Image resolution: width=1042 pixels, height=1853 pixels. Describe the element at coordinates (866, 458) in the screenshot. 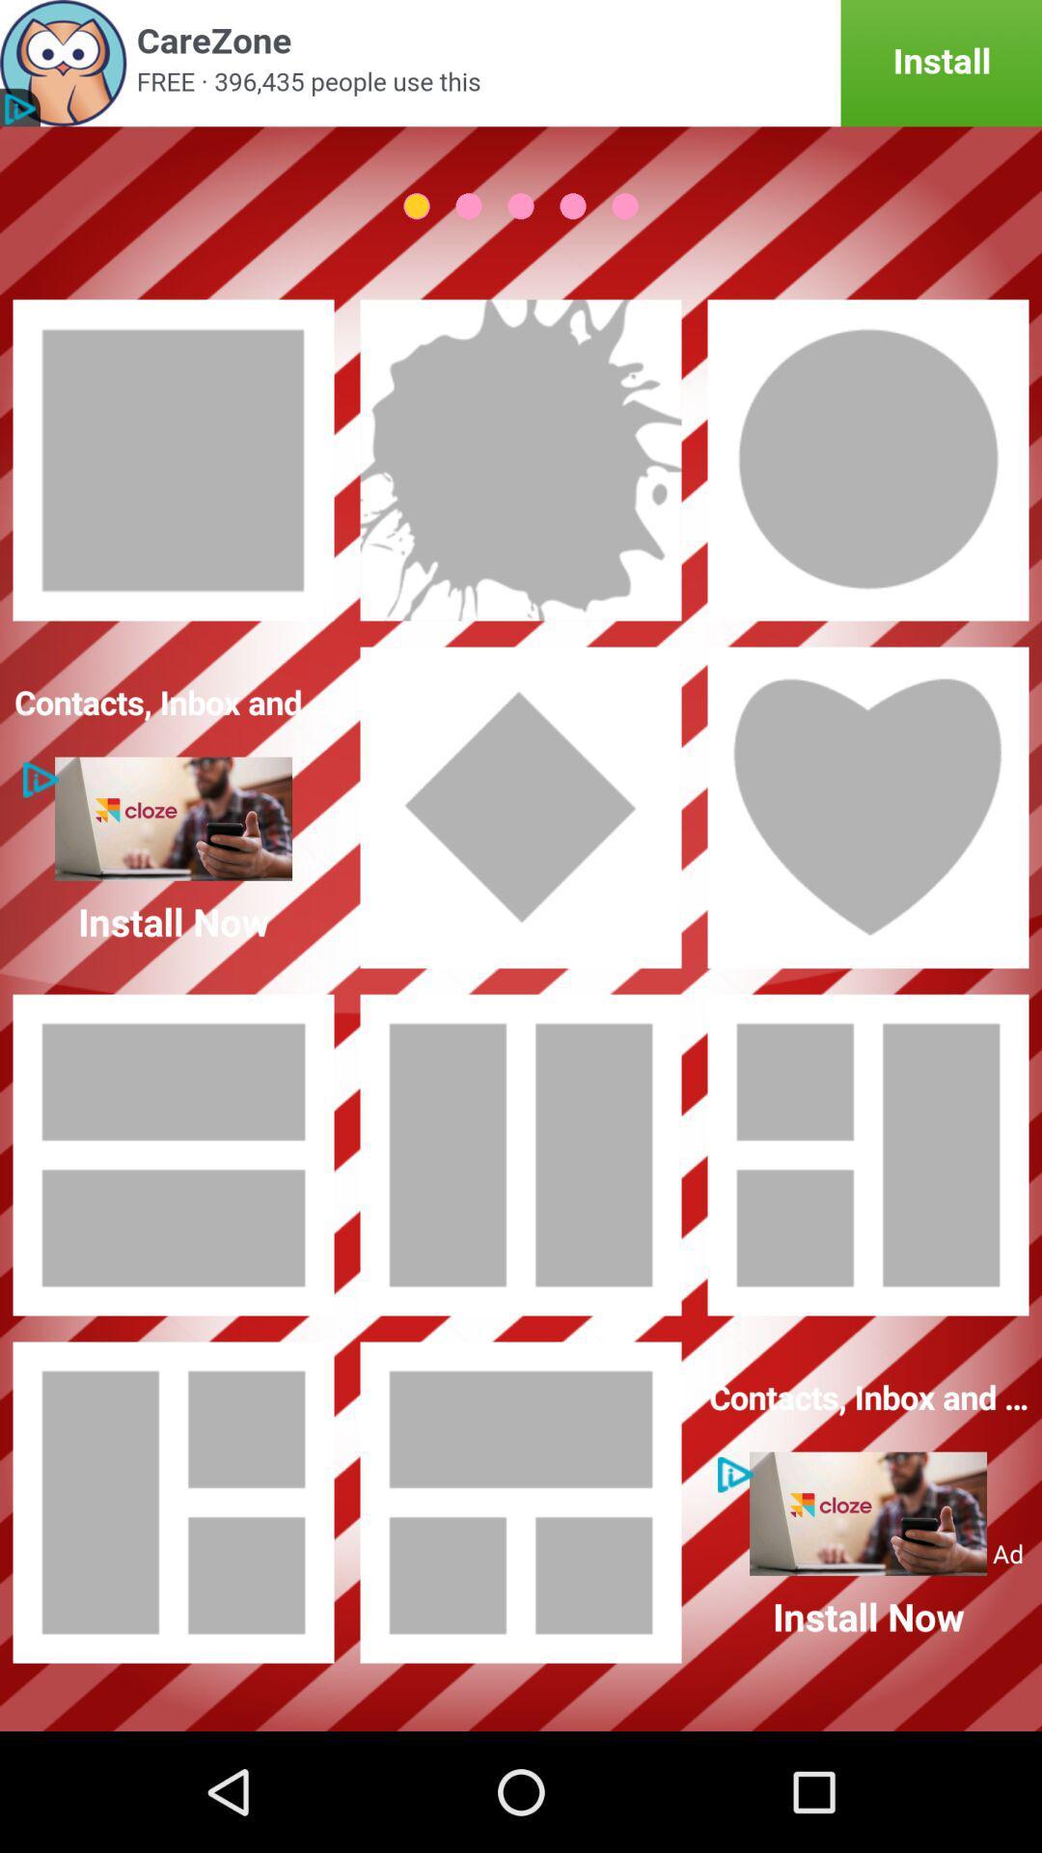

I see `to face` at that location.